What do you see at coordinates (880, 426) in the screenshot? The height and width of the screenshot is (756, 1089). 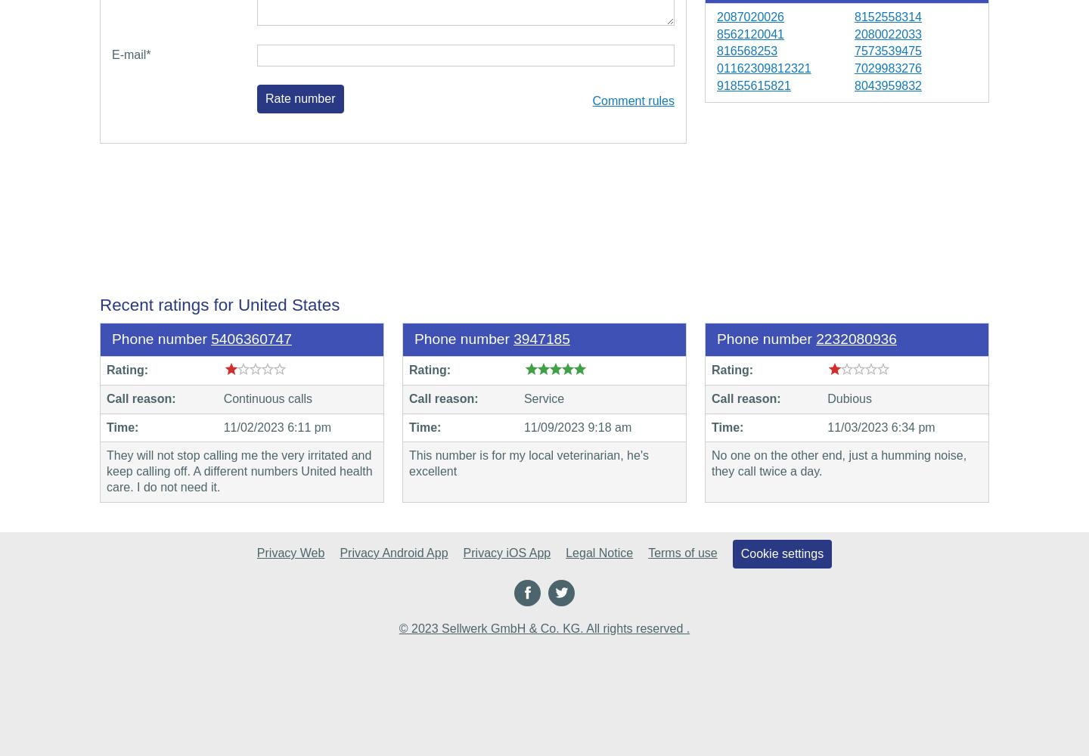 I see `'11/03/2023 6:34 pm'` at bounding box center [880, 426].